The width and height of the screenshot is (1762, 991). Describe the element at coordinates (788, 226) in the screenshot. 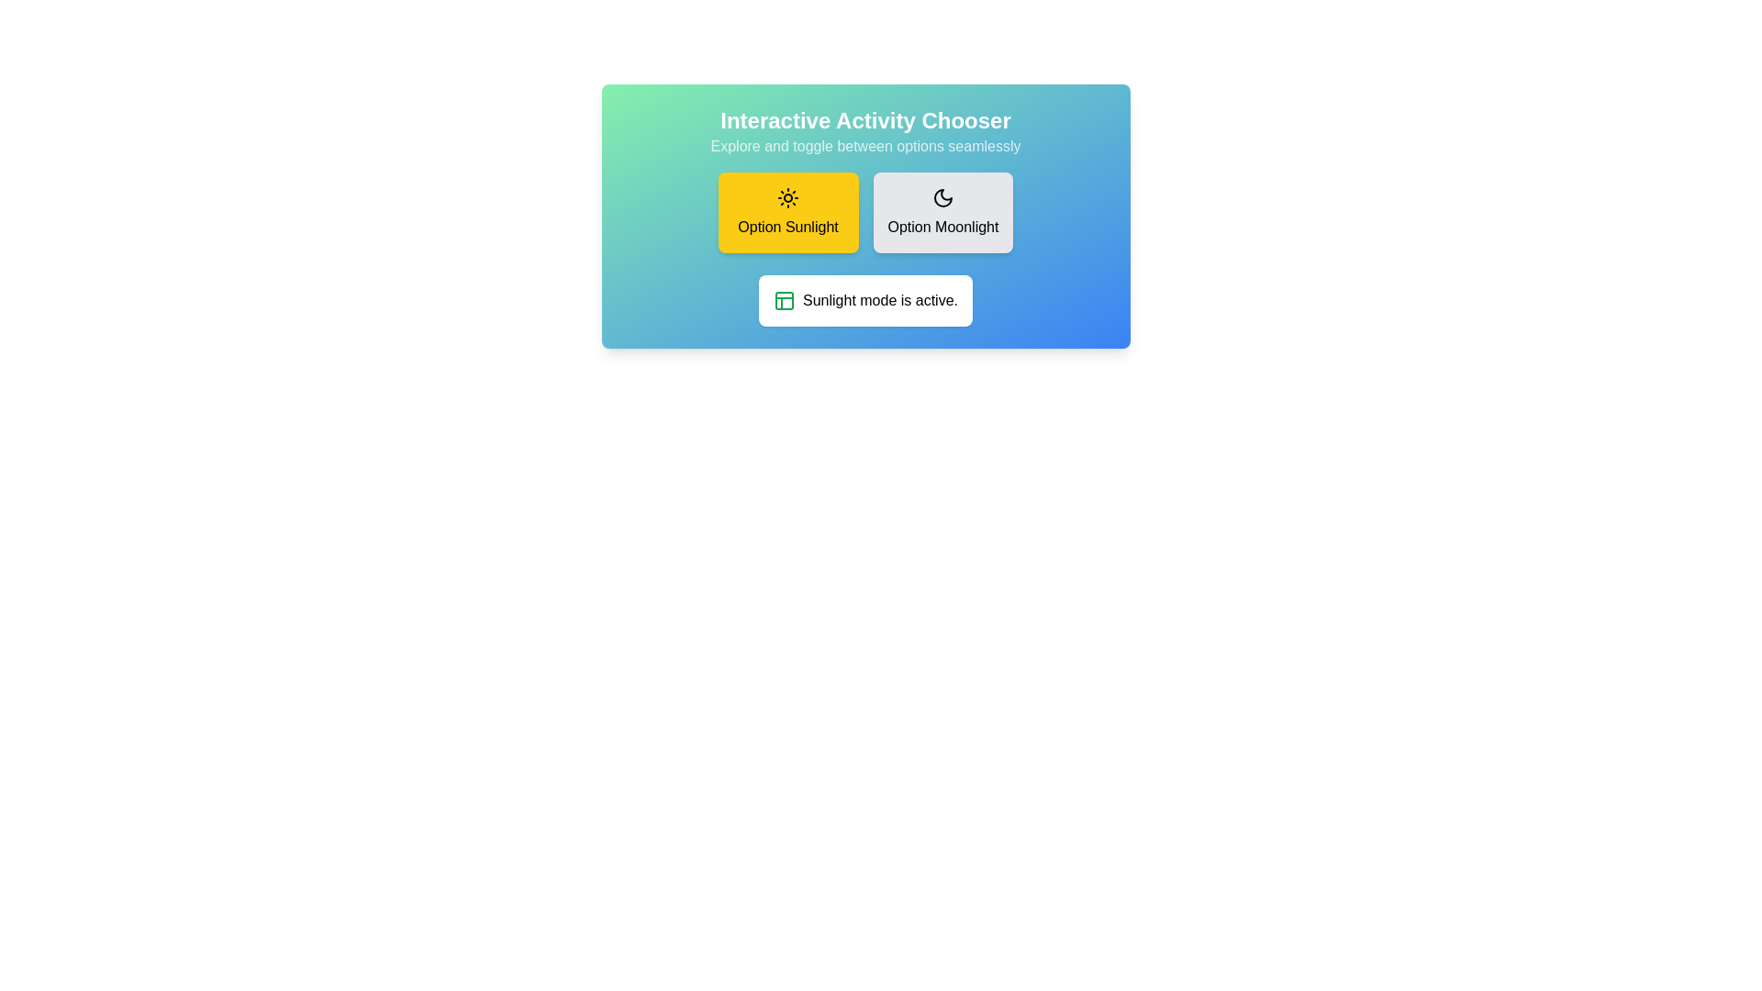

I see `text of the label 'Option Sunlight' which is part of a yellow button structure on the left side of the selection area` at that location.